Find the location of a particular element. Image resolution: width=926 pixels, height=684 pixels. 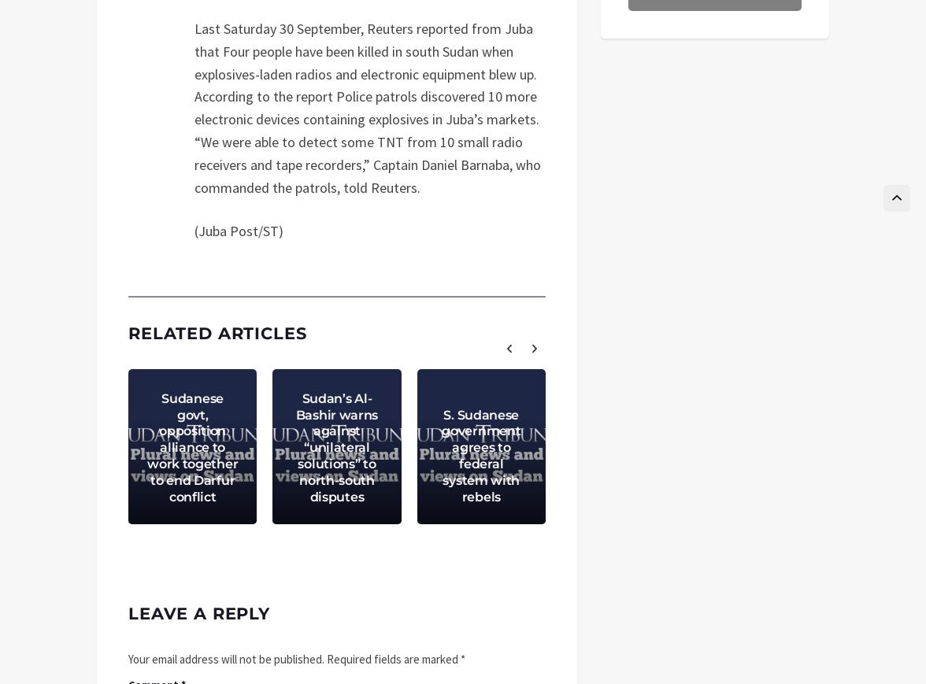

'S. Sudanese government agrees to federal system with rebels' is located at coordinates (481, 455).